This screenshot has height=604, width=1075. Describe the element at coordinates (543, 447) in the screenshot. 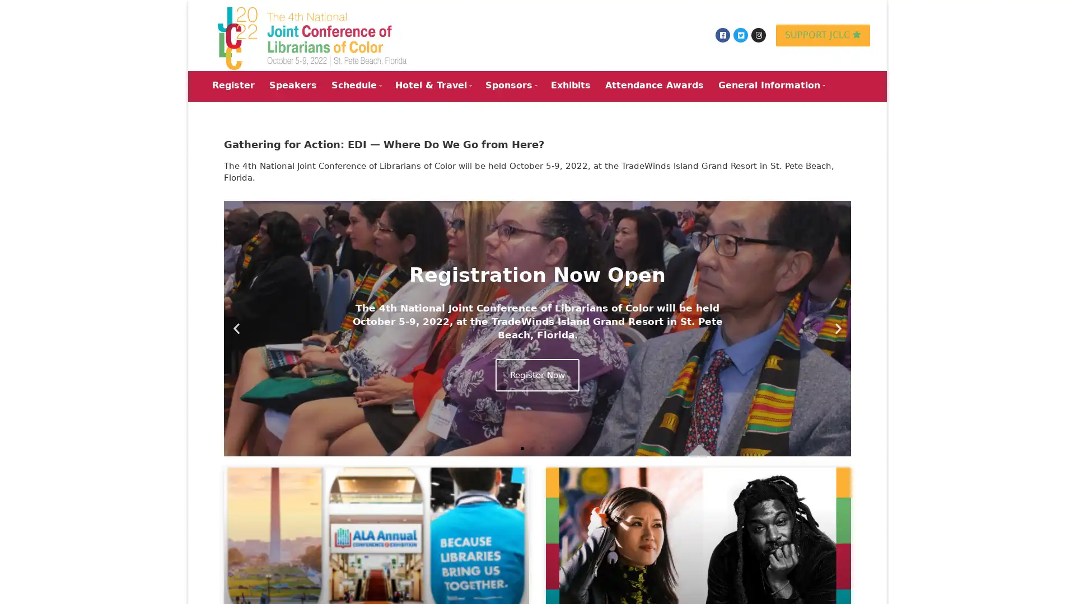

I see `Go to slide 3` at that location.